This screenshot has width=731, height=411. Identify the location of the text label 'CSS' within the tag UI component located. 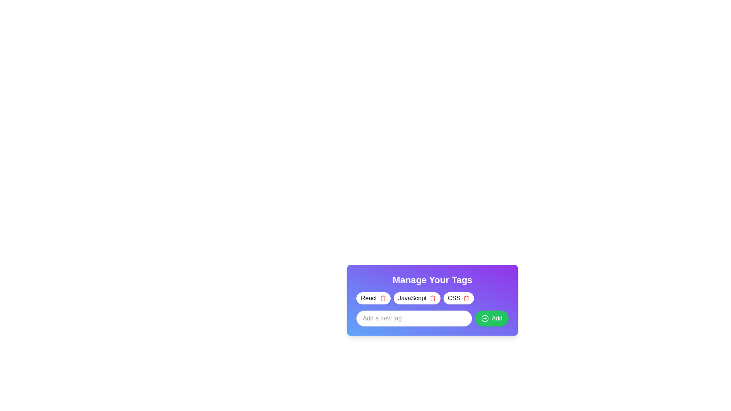
(454, 298).